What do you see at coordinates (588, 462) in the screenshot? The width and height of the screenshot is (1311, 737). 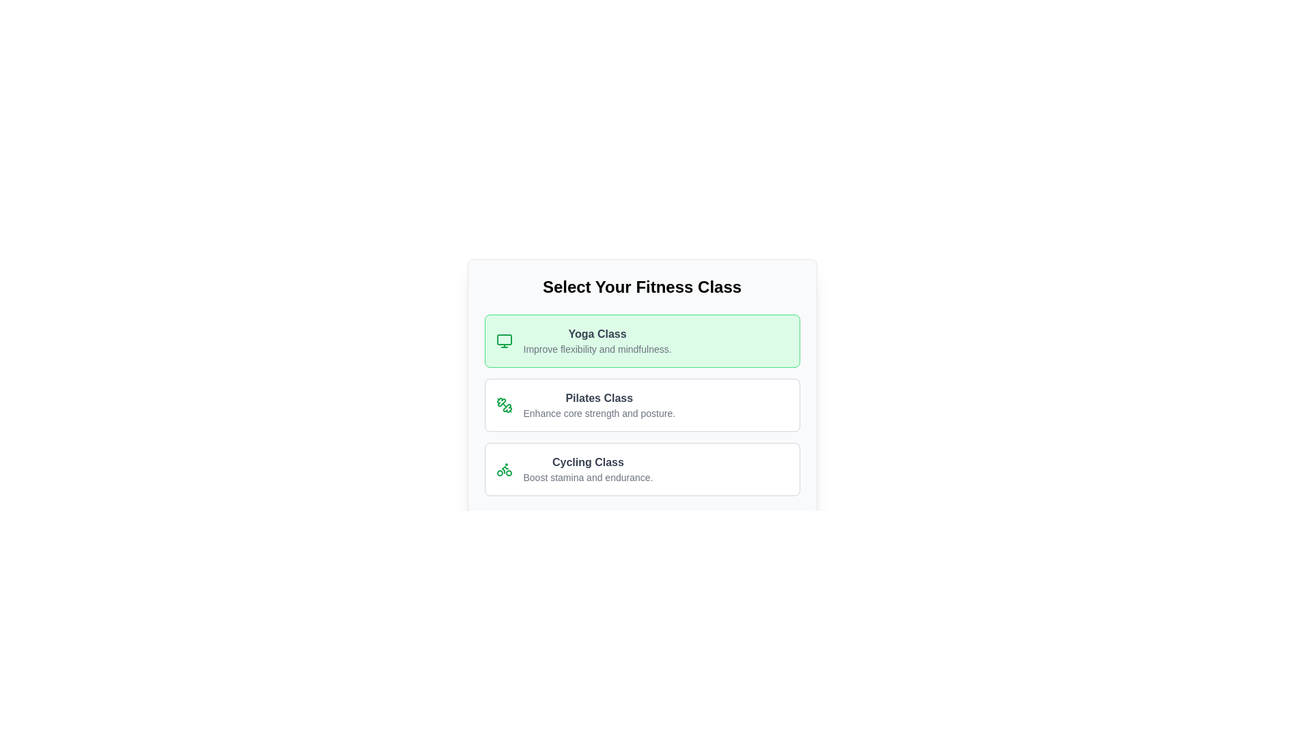 I see `bold text label saying 'Cycling Class' located at the top of the third section of the fitness class options list` at bounding box center [588, 462].